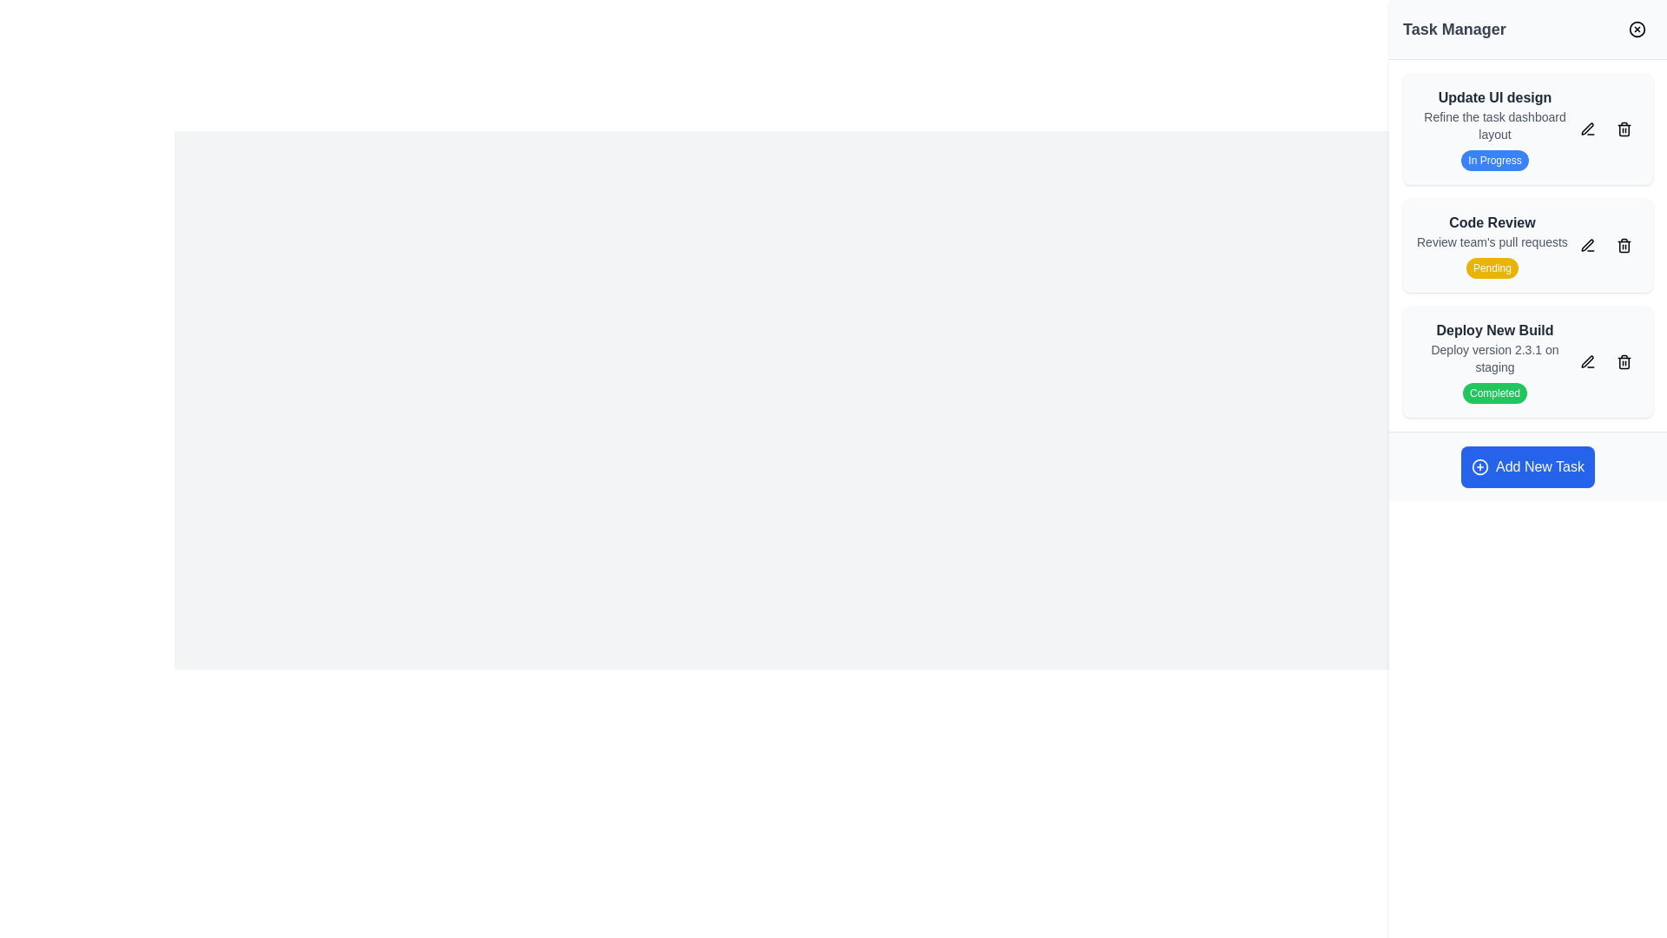  Describe the element at coordinates (1479, 466) in the screenshot. I see `the circled plus sign icon located within the 'Add New Task' button at the lower-right of the interface` at that location.